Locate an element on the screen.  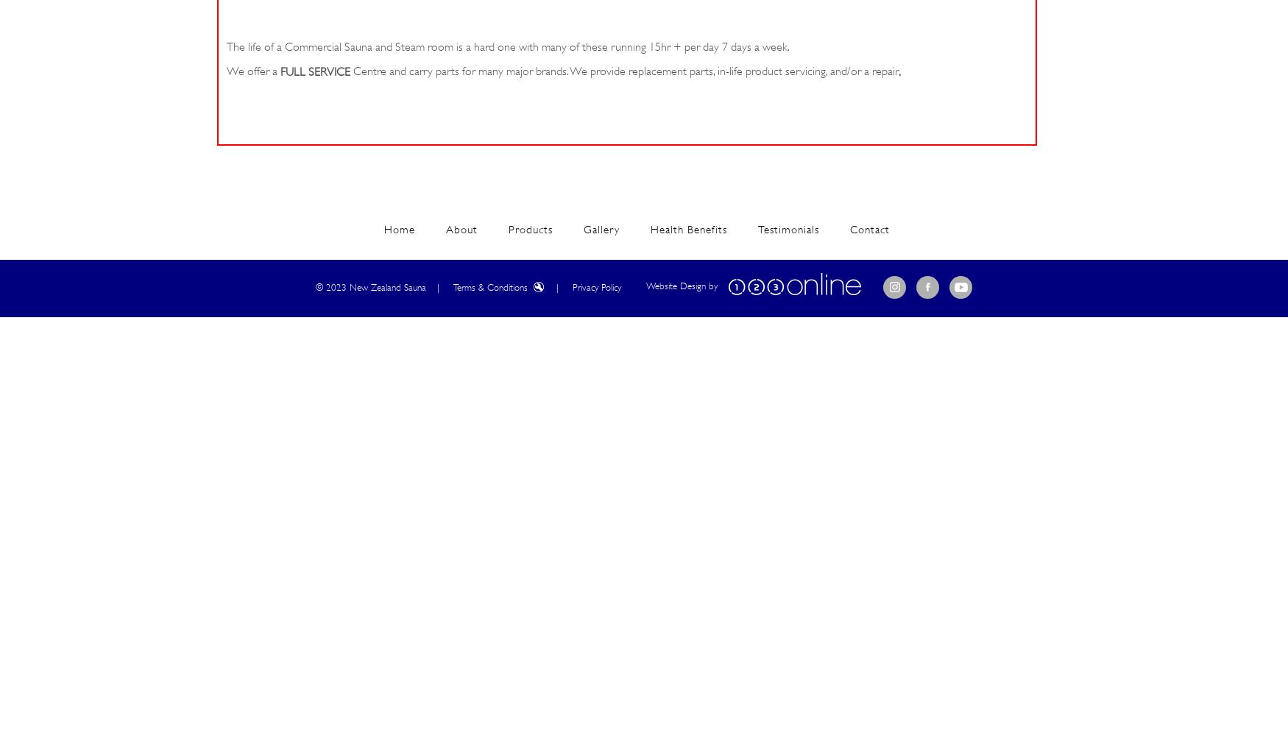
'Contact' is located at coordinates (868, 230).